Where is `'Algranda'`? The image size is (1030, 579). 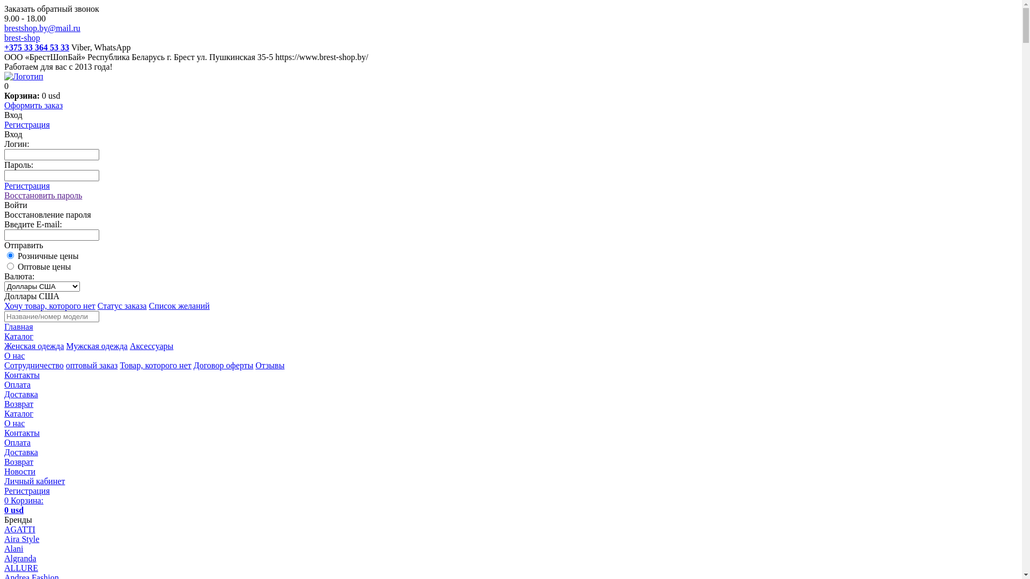
'Algranda' is located at coordinates (20, 558).